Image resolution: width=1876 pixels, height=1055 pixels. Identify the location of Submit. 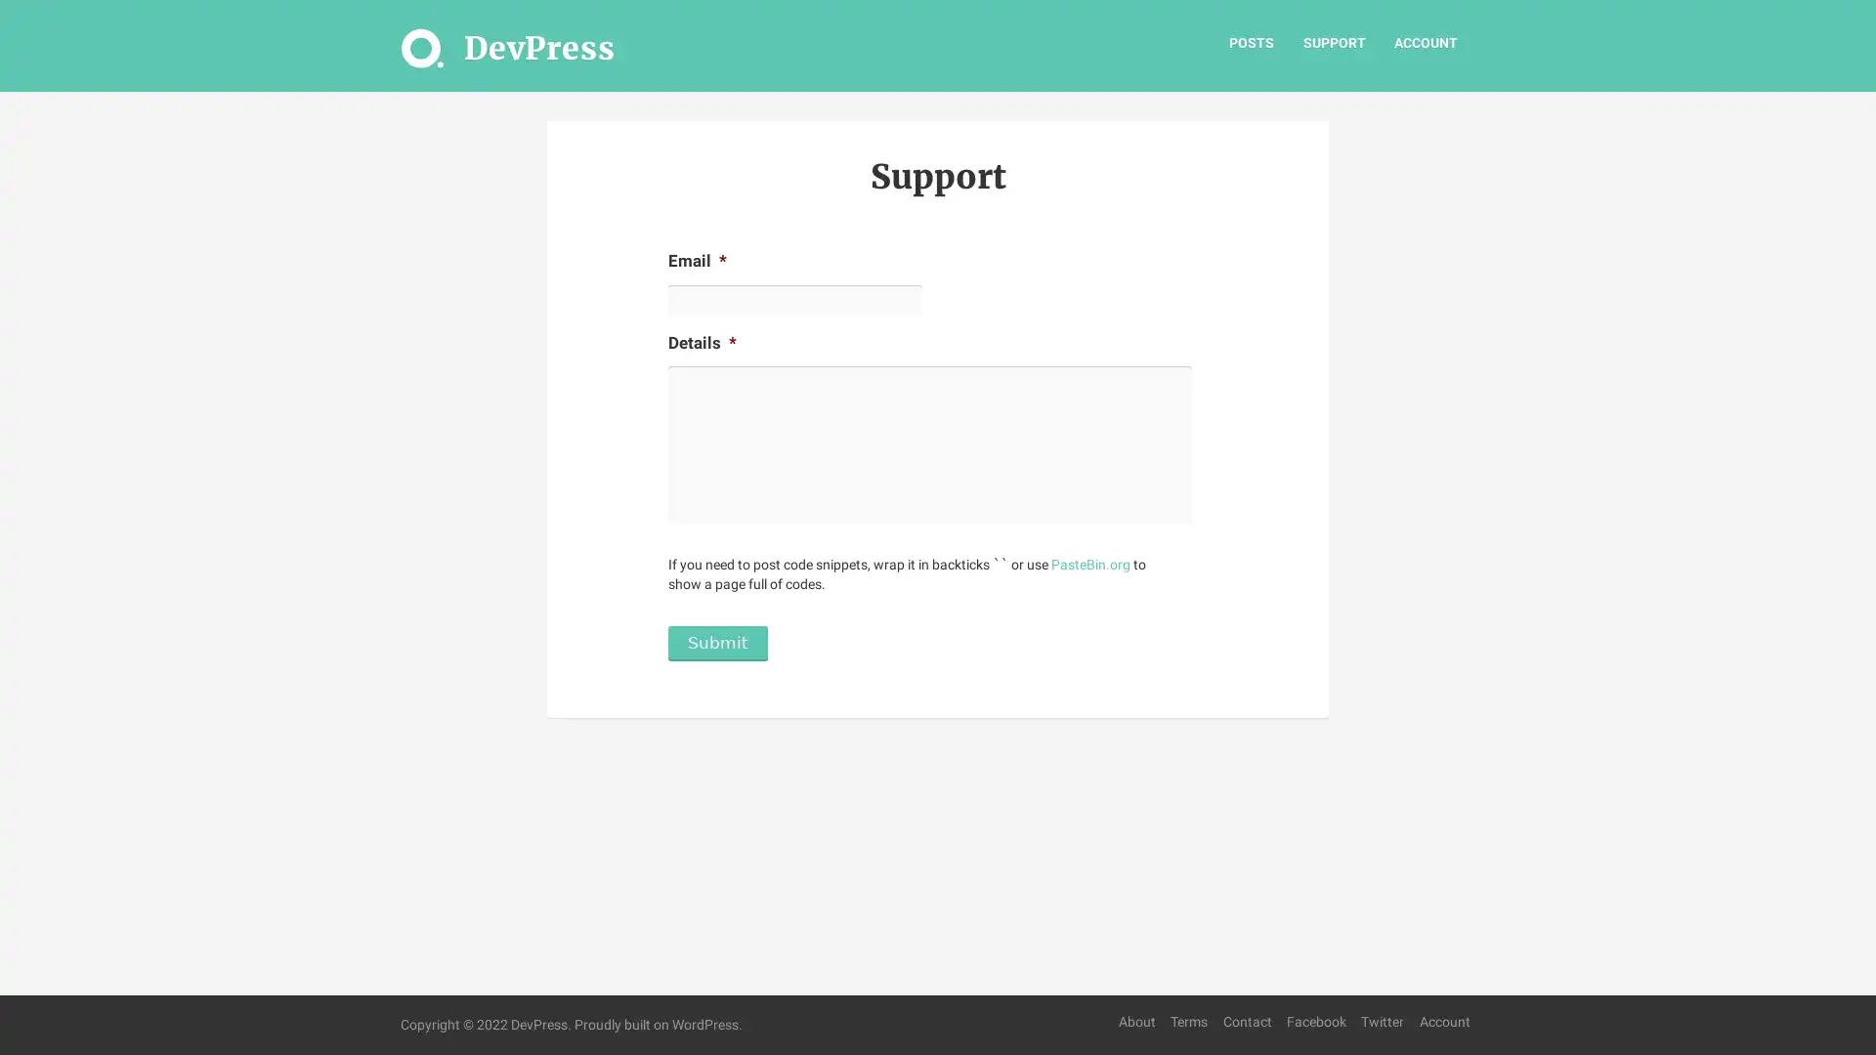
(716, 653).